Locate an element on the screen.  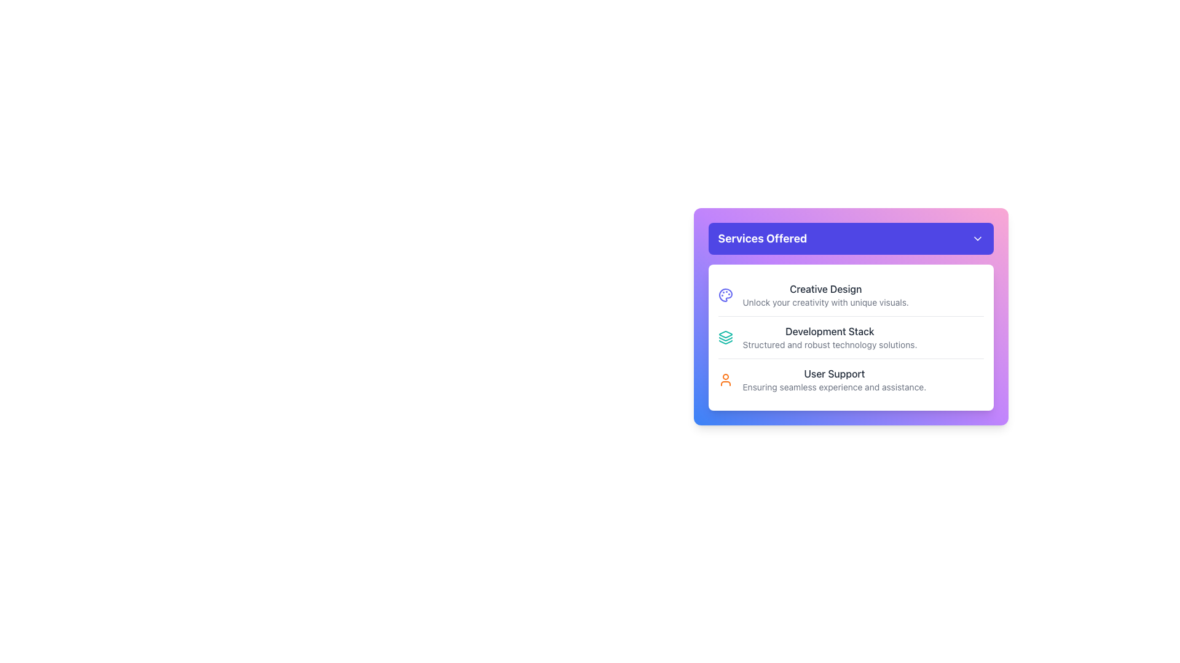
the 'User Support' text block, which includes a title and subtitle, located in the third position of the 'Services Offered' list is located at coordinates (834, 379).